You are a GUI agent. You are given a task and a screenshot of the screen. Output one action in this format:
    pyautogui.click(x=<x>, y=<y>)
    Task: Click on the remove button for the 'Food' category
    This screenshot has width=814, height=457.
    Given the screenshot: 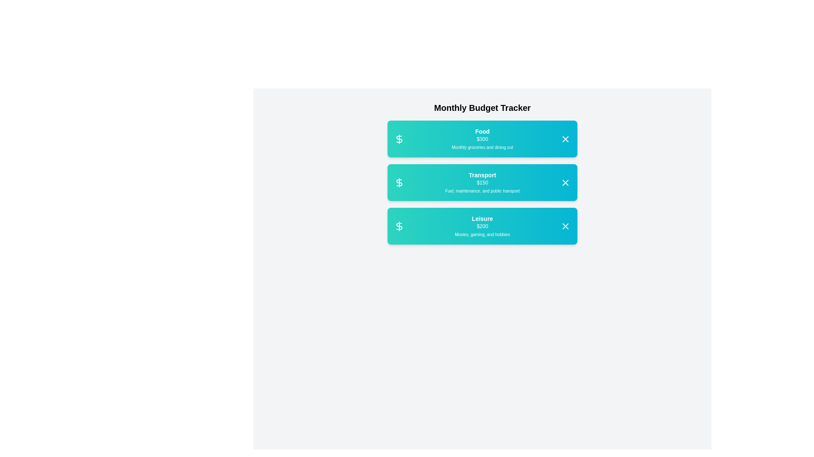 What is the action you would take?
    pyautogui.click(x=566, y=138)
    